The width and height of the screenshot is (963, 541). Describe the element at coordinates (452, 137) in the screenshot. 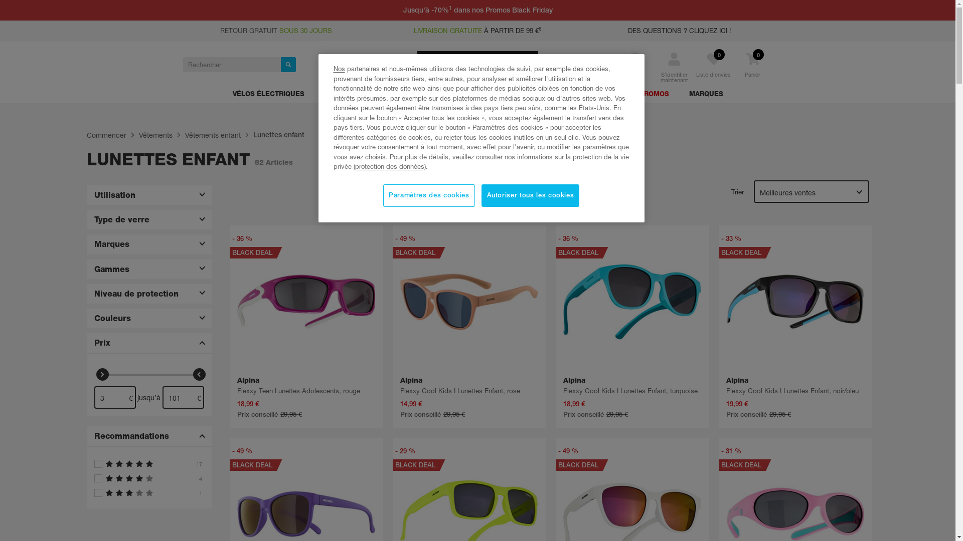

I see `'rejeter'` at that location.